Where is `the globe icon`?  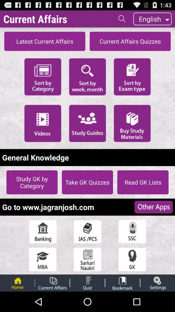 the globe icon is located at coordinates (157, 303).